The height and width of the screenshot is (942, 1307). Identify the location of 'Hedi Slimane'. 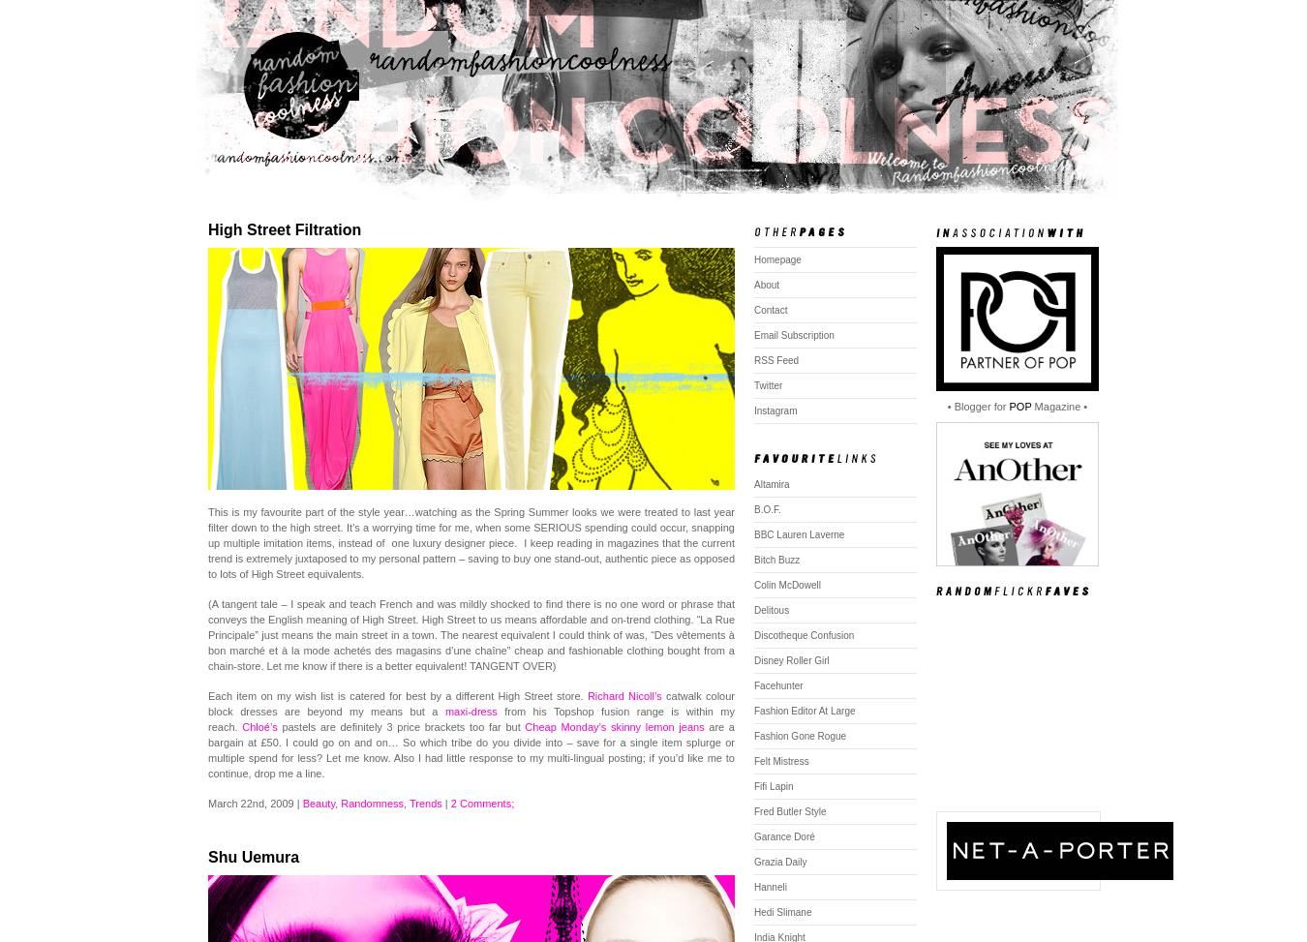
(782, 911).